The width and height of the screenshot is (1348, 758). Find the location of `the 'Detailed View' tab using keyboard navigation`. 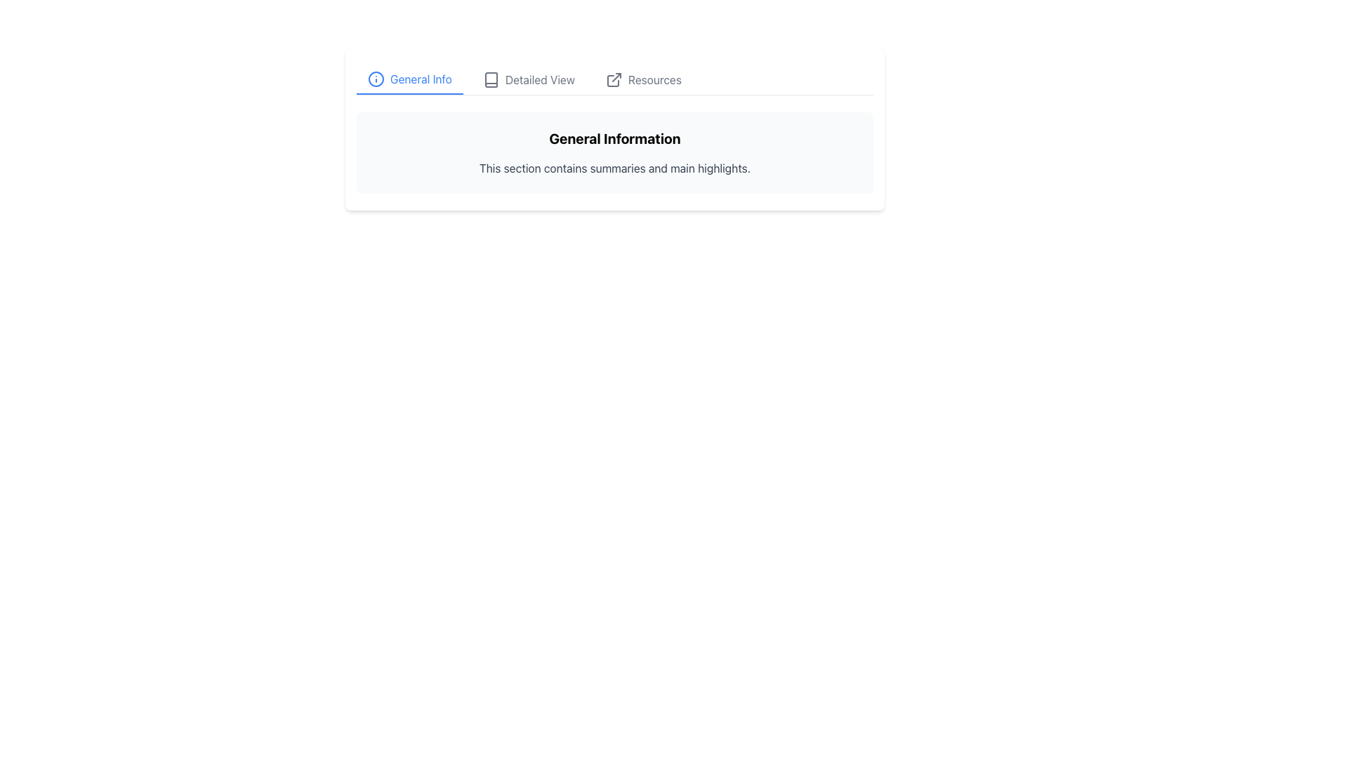

the 'Detailed View' tab using keyboard navigation is located at coordinates (528, 80).